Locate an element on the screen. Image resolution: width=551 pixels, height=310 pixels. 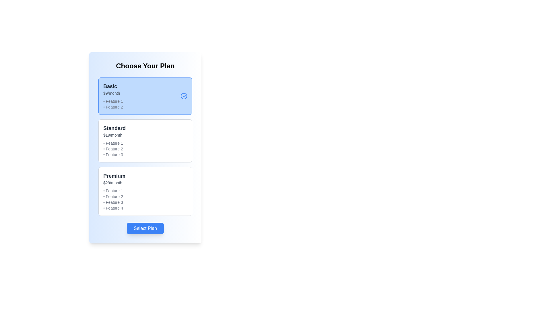
the text list that displays features of the 'Standard' plan, located beneath the title and price details is located at coordinates (114, 149).